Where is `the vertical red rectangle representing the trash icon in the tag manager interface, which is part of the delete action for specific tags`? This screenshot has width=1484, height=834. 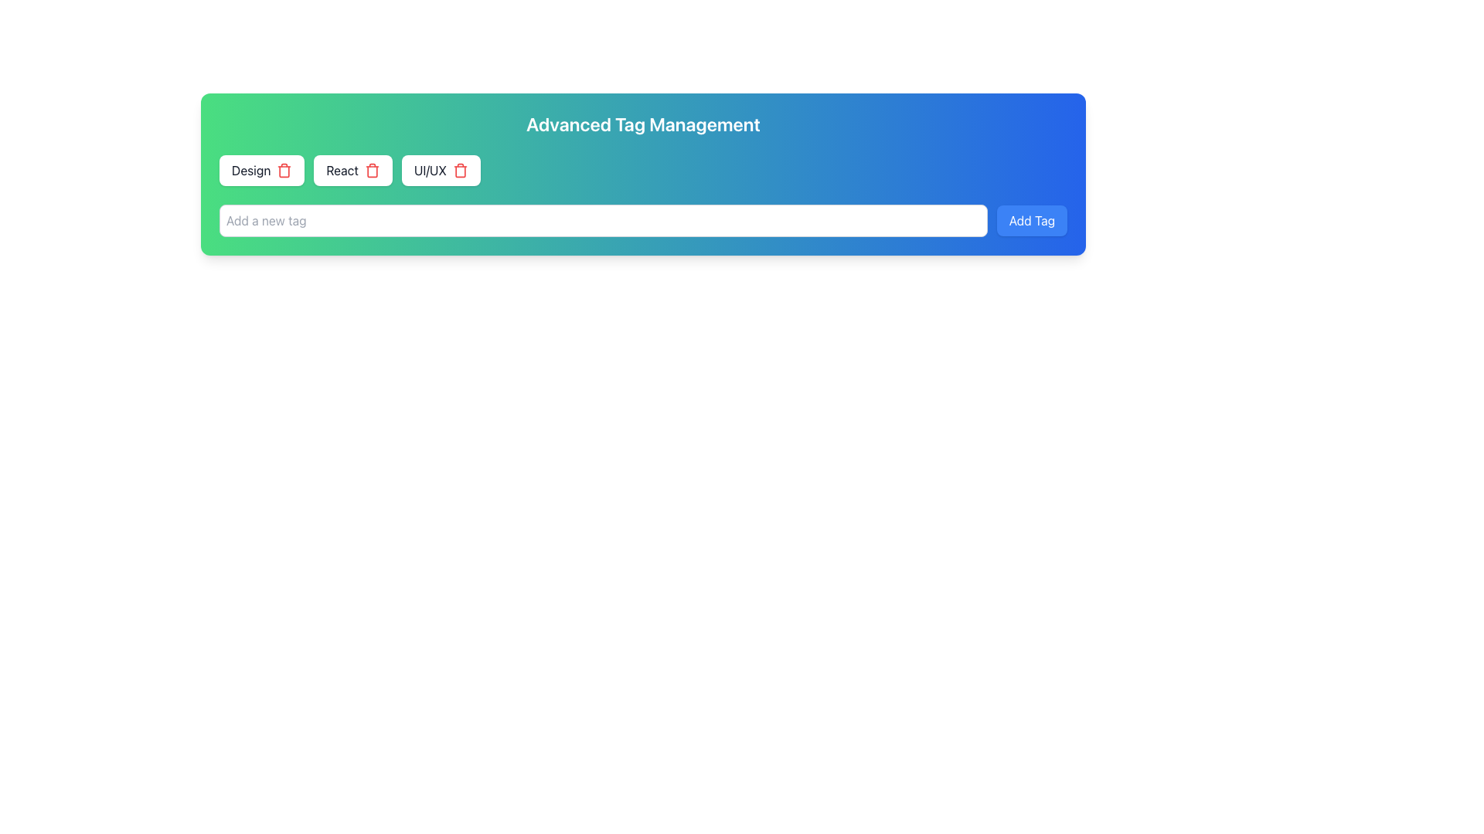
the vertical red rectangle representing the trash icon in the tag manager interface, which is part of the delete action for specific tags is located at coordinates (372, 171).